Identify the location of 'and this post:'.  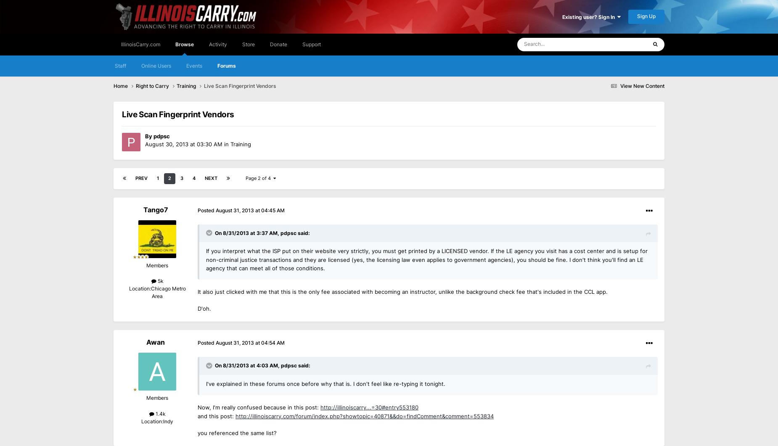
(217, 415).